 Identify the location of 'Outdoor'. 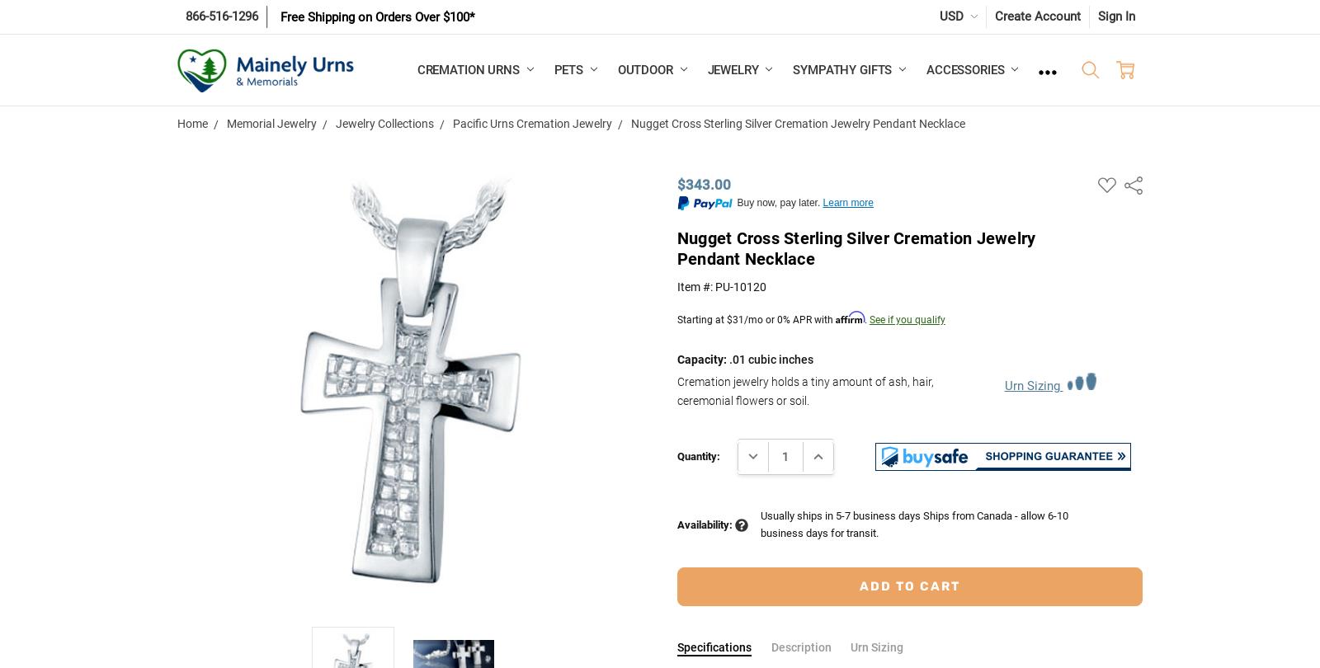
(646, 69).